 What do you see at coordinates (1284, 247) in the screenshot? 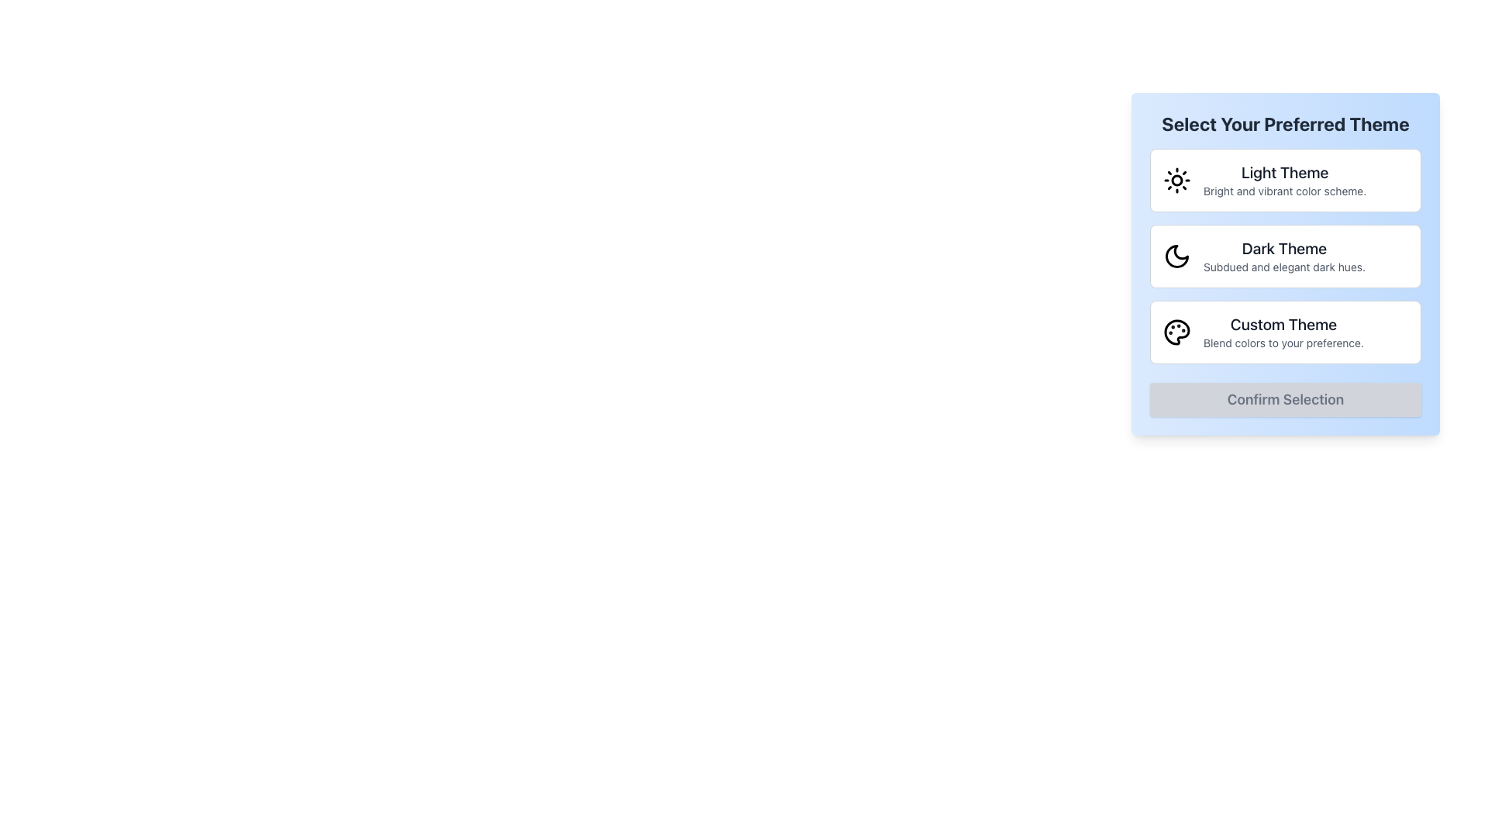
I see `title text label for the 'Dark Theme' option, which is positioned above the descriptive text in the theme selection interface` at bounding box center [1284, 247].